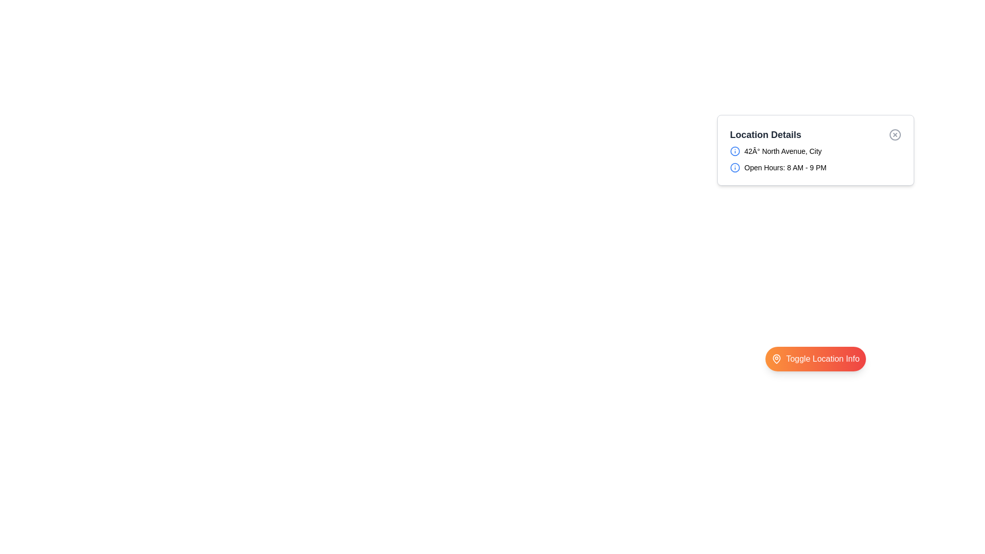 The width and height of the screenshot is (985, 554). Describe the element at coordinates (782, 151) in the screenshot. I see `the text label displaying '42Â° North Avenue, City' within the 'Location Details' dialogue box` at that location.